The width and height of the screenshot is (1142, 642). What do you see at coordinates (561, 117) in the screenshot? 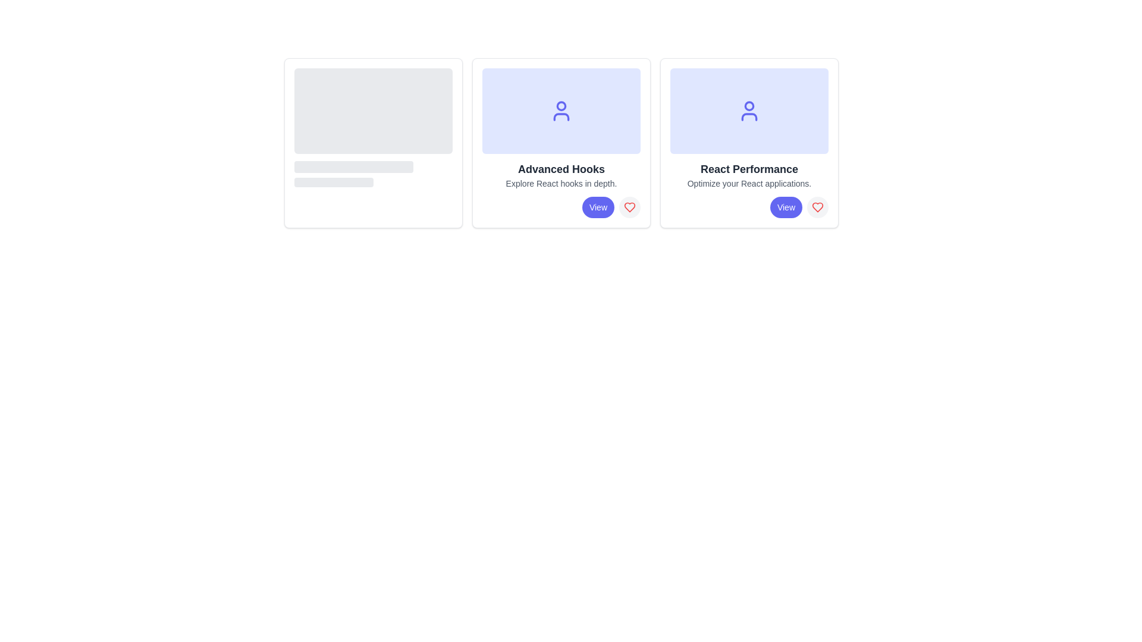
I see `lower part of the SVG graphic representing the user profile within the 'Advanced Hooks' card by using development tools` at bounding box center [561, 117].